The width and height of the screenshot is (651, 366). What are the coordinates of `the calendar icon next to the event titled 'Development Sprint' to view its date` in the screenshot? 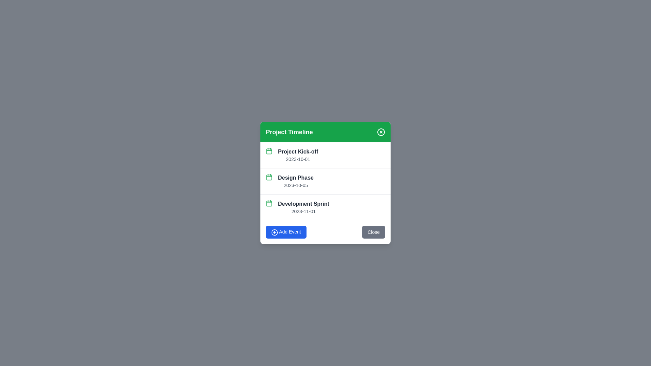 It's located at (269, 203).